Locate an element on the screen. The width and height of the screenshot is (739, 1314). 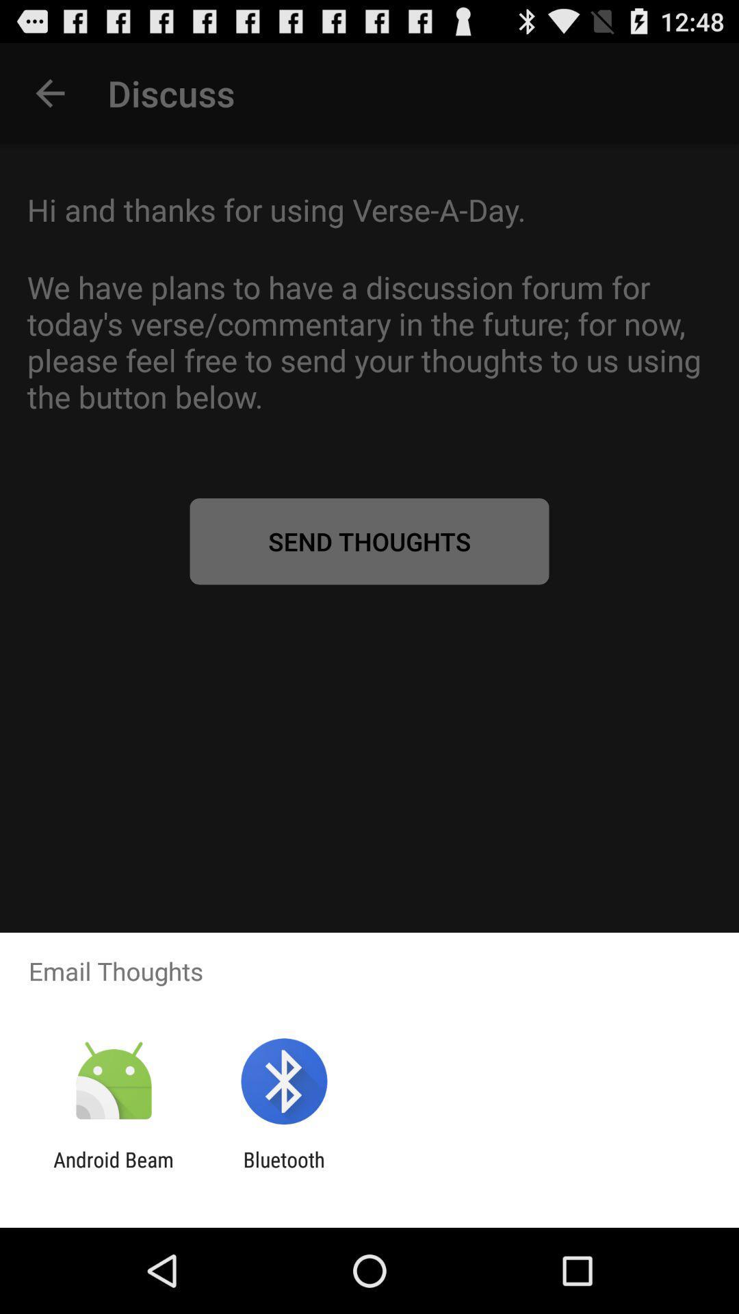
icon to the left of bluetooth icon is located at coordinates (113, 1171).